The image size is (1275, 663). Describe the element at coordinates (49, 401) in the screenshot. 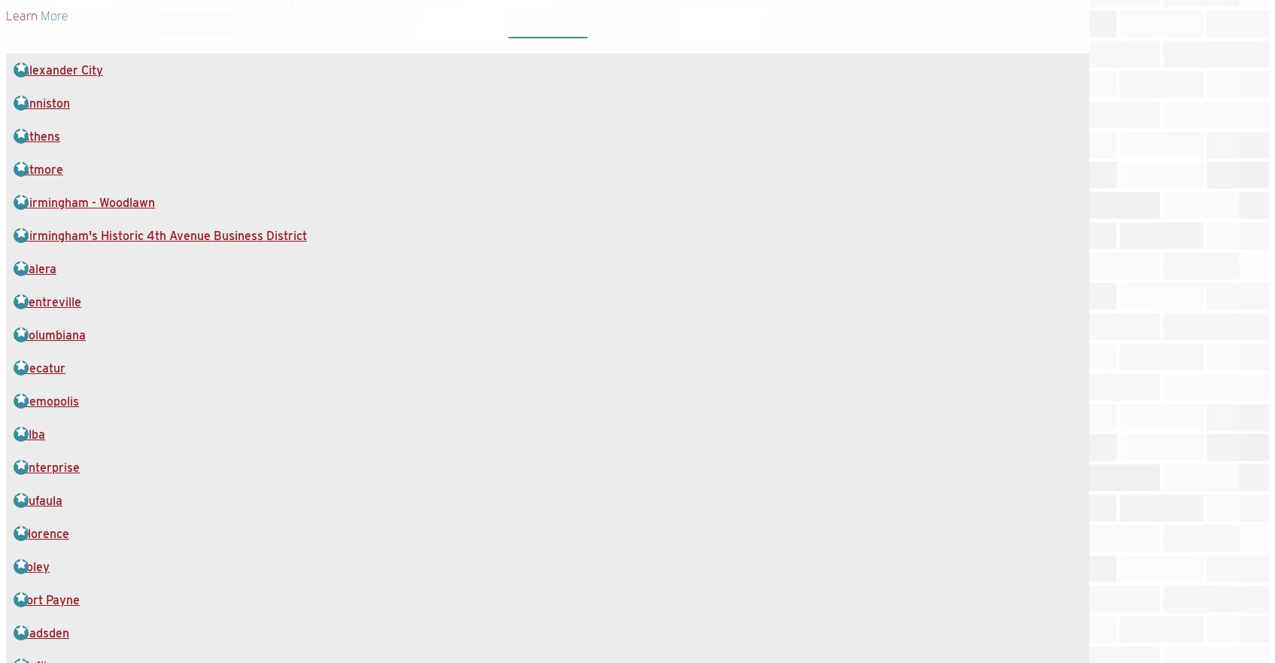

I see `'Demopolis'` at that location.